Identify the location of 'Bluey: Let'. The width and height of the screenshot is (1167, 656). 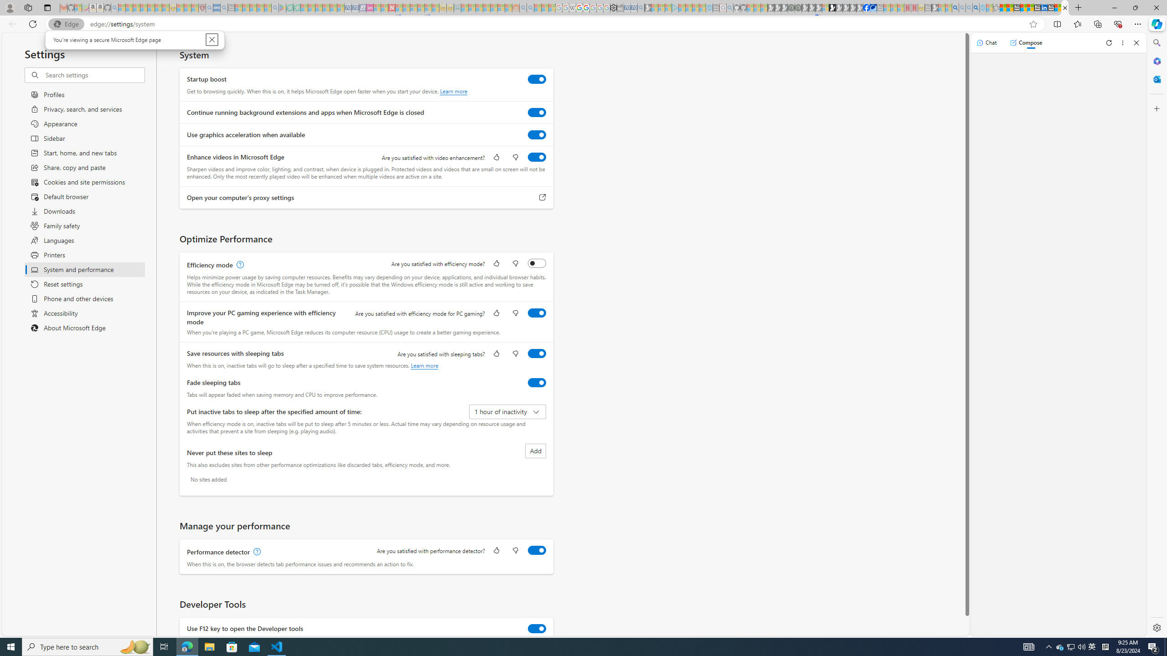
(282, 7).